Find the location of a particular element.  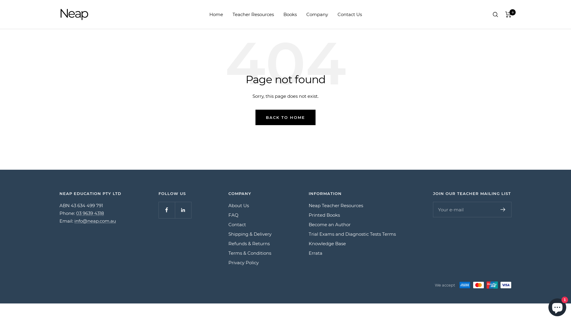

'About Us' is located at coordinates (239, 205).